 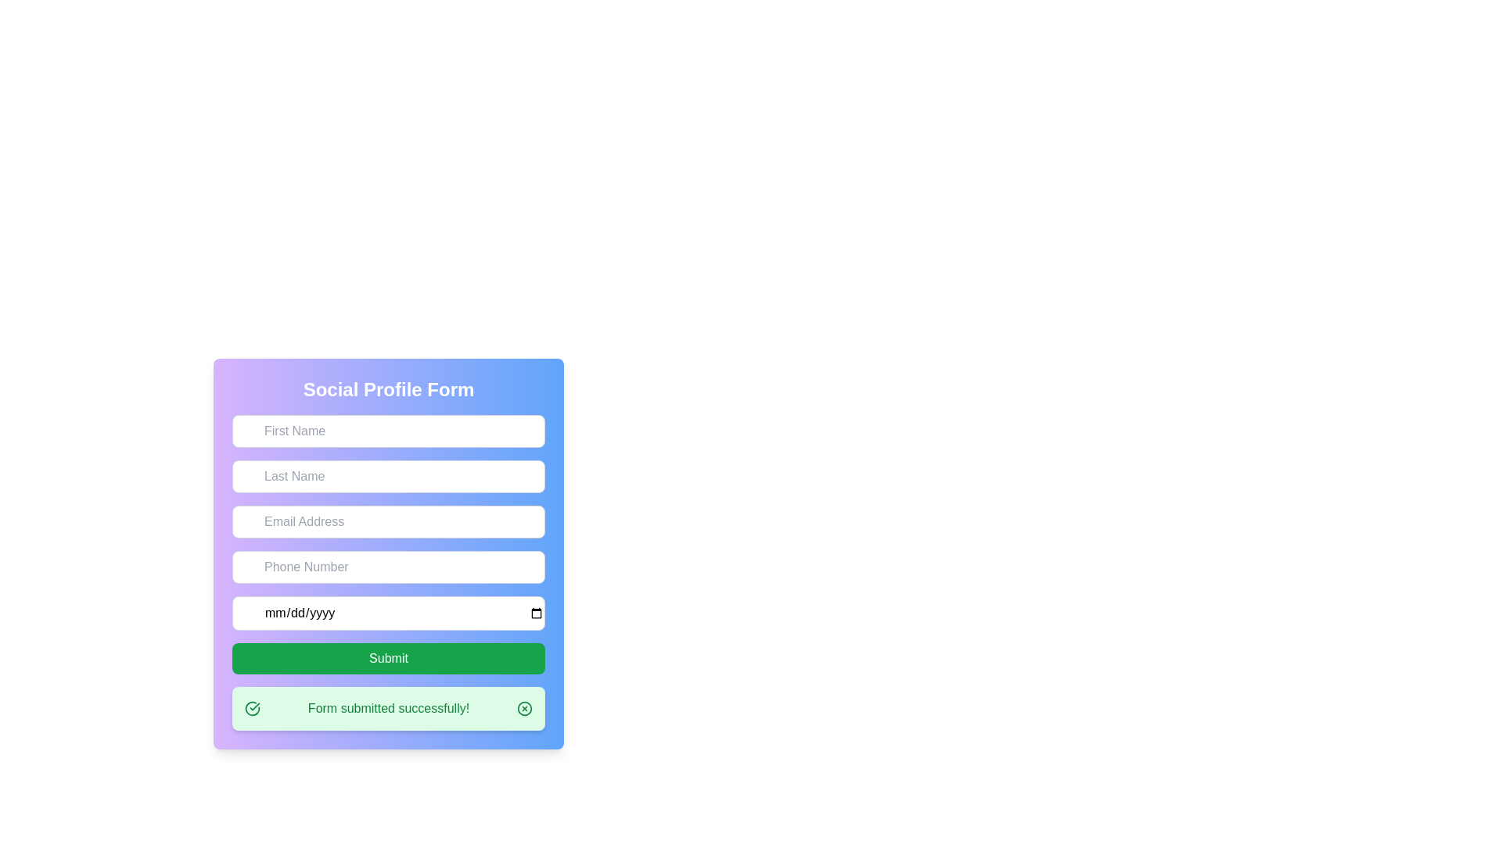 I want to click on the notification banner that displays 'Form submitted successfully!' located at the bottom of the form layout with a gradient blue to purple background, so click(x=389, y=708).